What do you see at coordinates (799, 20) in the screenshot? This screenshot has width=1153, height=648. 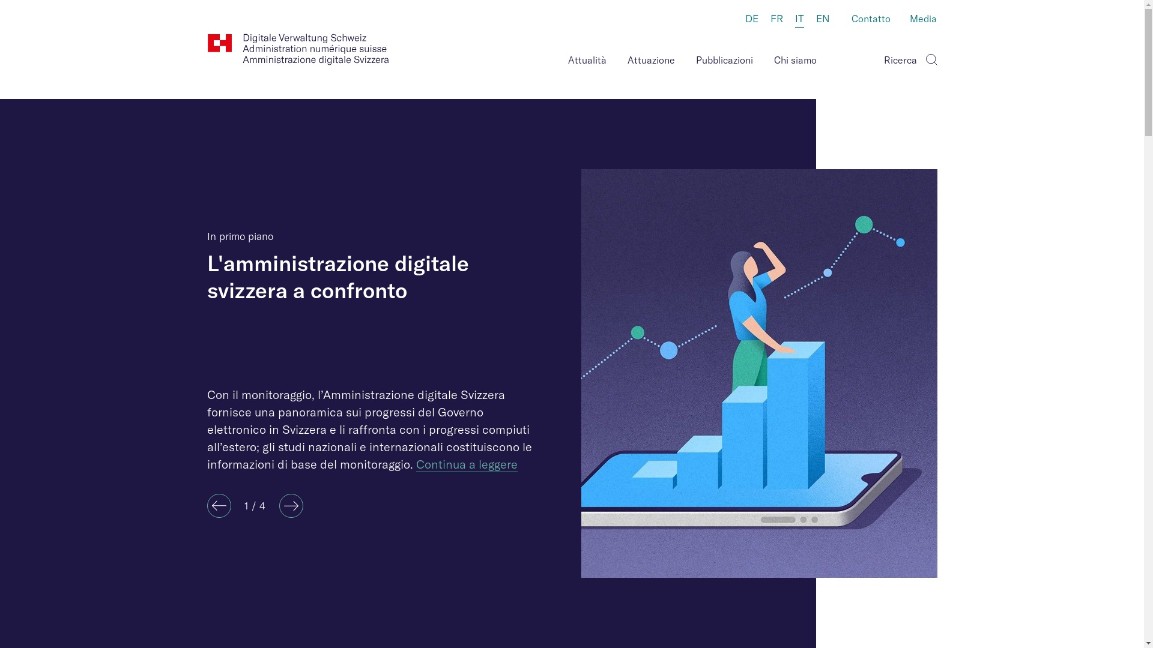 I see `'IT'` at bounding box center [799, 20].